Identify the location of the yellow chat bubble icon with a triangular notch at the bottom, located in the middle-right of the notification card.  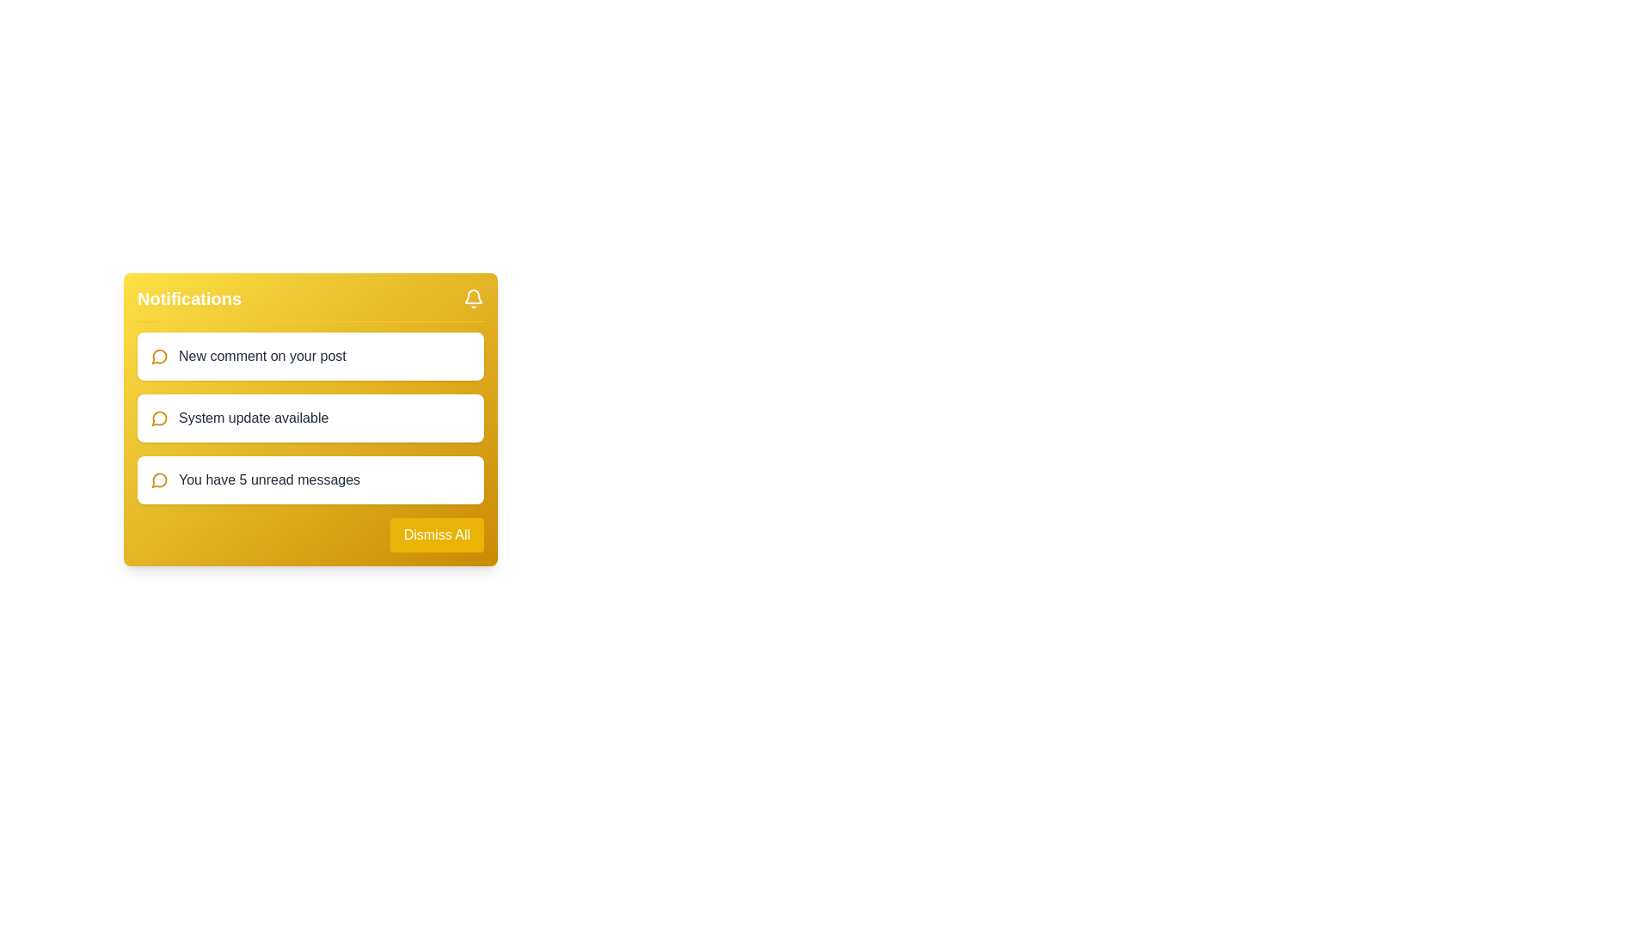
(159, 480).